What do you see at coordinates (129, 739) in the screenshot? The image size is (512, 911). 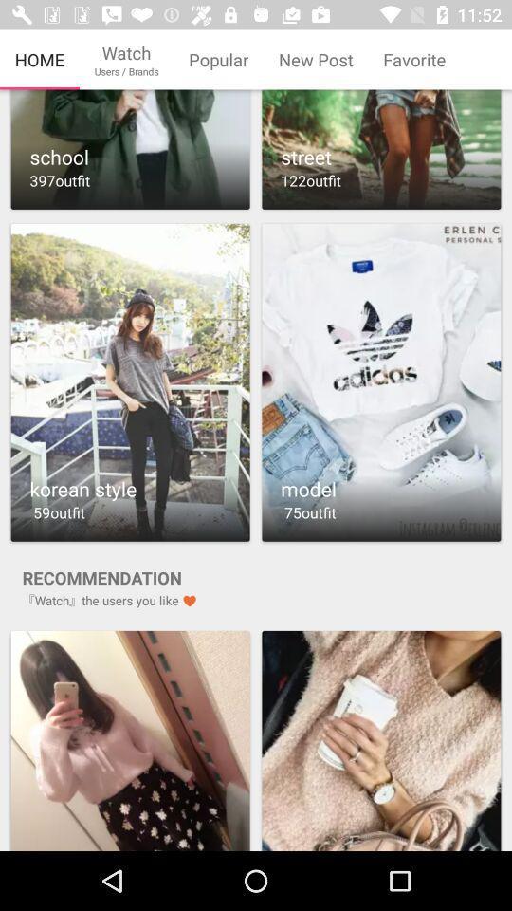 I see `outfit selection` at bounding box center [129, 739].